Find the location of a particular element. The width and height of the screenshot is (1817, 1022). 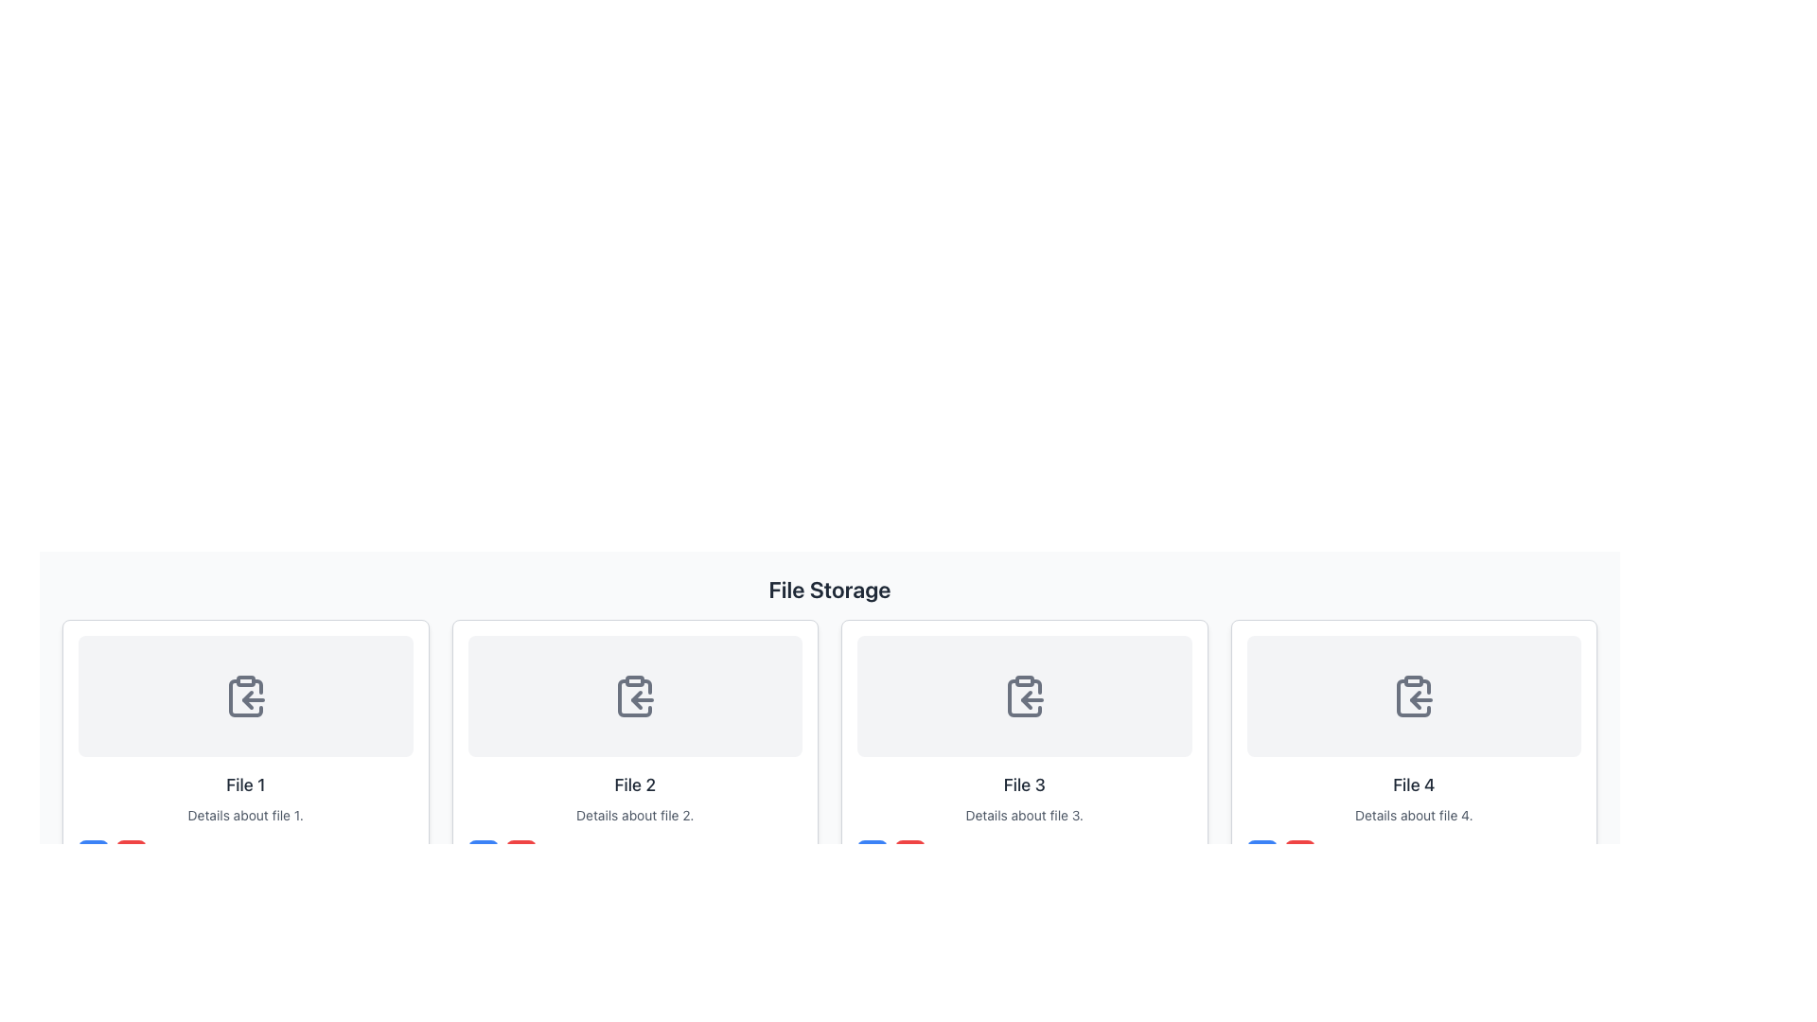

the clipboard icon with a copy arrow, which is the fourth icon in a horizontal row within the 'File 4' card, located at the center-top of the card is located at coordinates (1414, 696).